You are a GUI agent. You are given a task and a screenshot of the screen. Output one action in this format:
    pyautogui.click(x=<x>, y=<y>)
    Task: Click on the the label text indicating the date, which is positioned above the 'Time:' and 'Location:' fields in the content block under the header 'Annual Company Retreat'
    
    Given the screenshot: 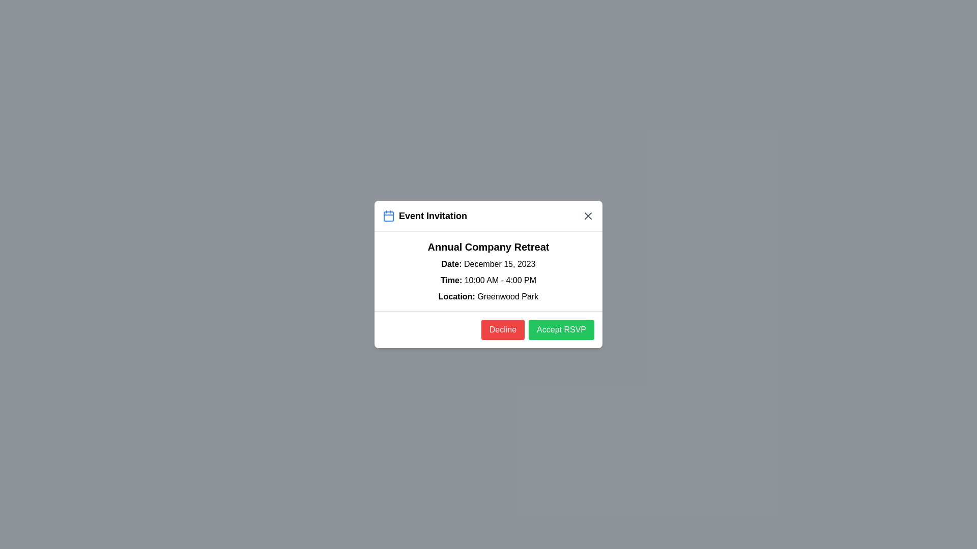 What is the action you would take?
    pyautogui.click(x=452, y=263)
    